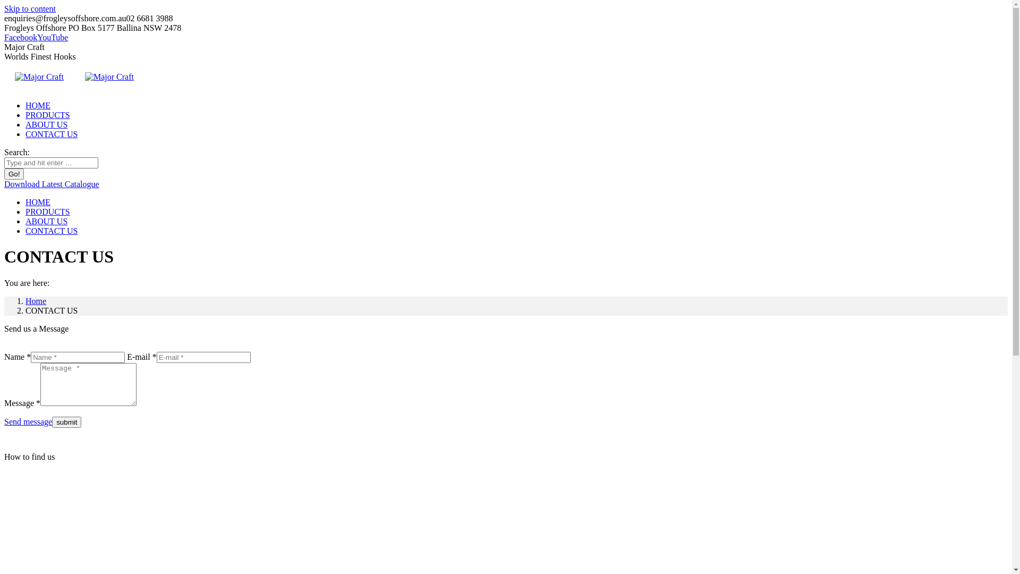 The width and height of the screenshot is (1020, 574). What do you see at coordinates (36, 301) in the screenshot?
I see `'Home'` at bounding box center [36, 301].